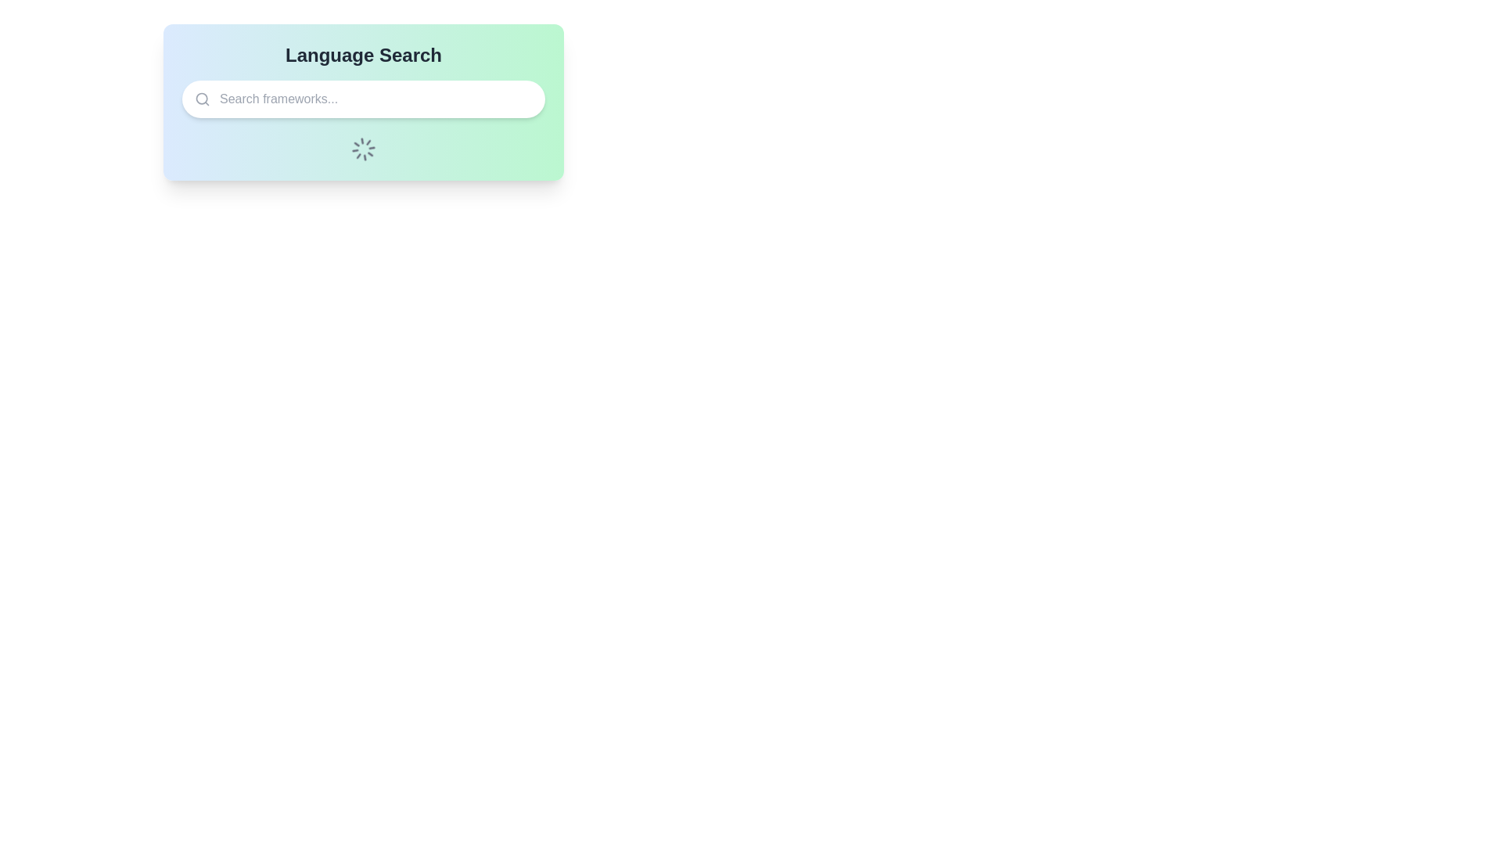 The height and width of the screenshot is (845, 1502). What do you see at coordinates (202, 99) in the screenshot?
I see `the search icon located at the leftmost edge of the rounded rectangular search bar` at bounding box center [202, 99].